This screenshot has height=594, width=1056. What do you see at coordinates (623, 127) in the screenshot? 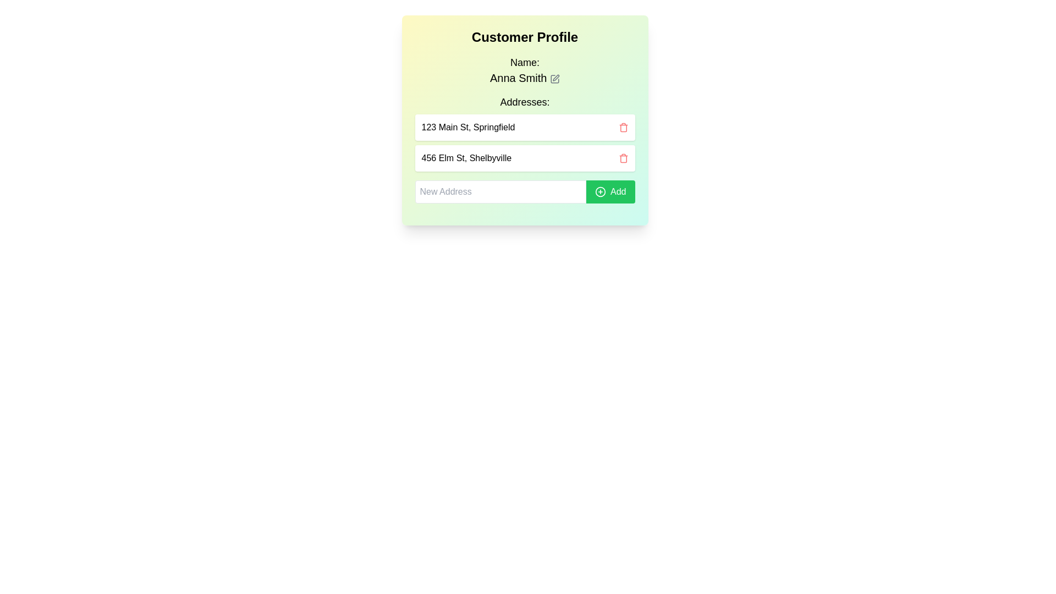
I see `the delete IconButton located in the upper-right corner of the first address block, next to '123 Main St, Springfield'` at bounding box center [623, 127].